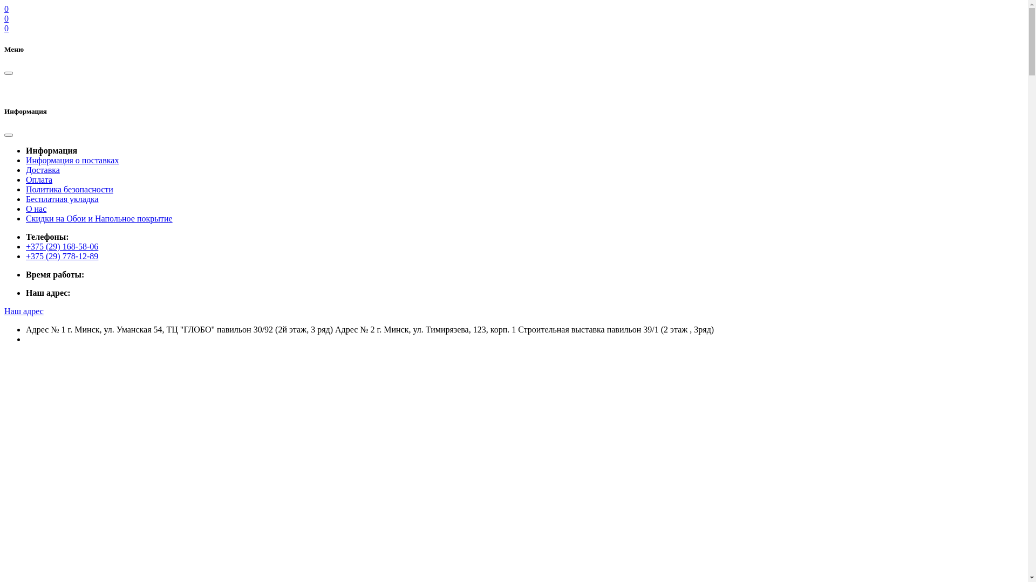 This screenshot has width=1036, height=582. What do you see at coordinates (4, 27) in the screenshot?
I see `'0'` at bounding box center [4, 27].